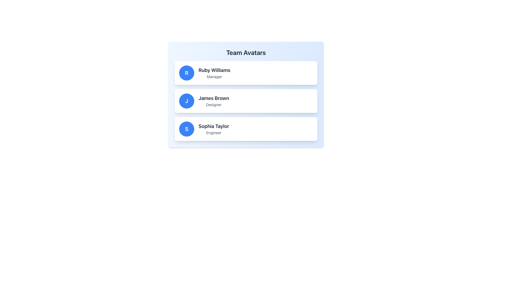  What do you see at coordinates (213, 133) in the screenshot?
I see `the static text label displaying 'Engineer' located below 'Sophia Taylor' in the 'Team Avatars' section` at bounding box center [213, 133].